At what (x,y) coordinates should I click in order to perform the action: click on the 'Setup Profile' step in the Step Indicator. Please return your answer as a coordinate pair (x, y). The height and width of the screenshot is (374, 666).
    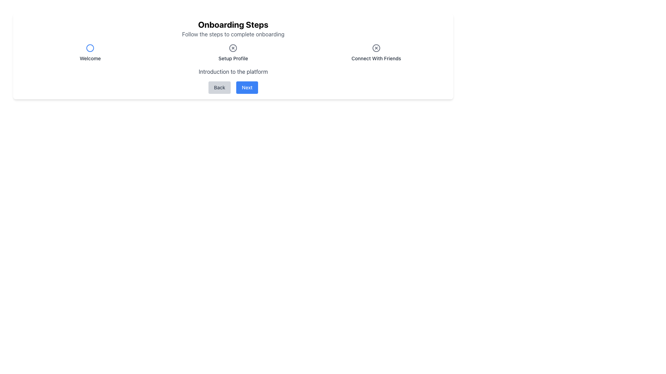
    Looking at the image, I should click on (233, 53).